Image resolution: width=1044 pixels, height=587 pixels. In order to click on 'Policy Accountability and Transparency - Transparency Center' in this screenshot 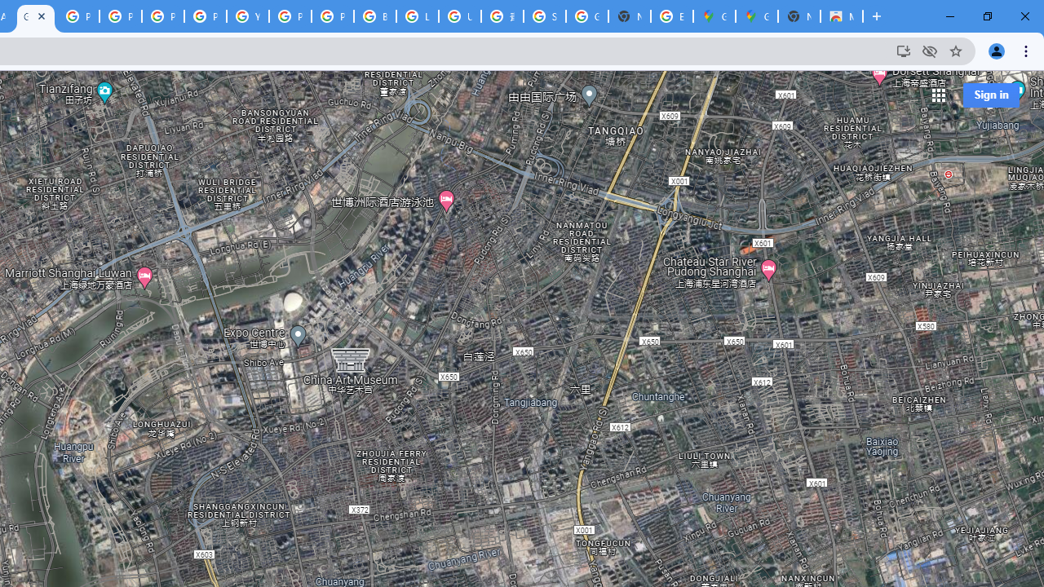, I will do `click(77, 16)`.